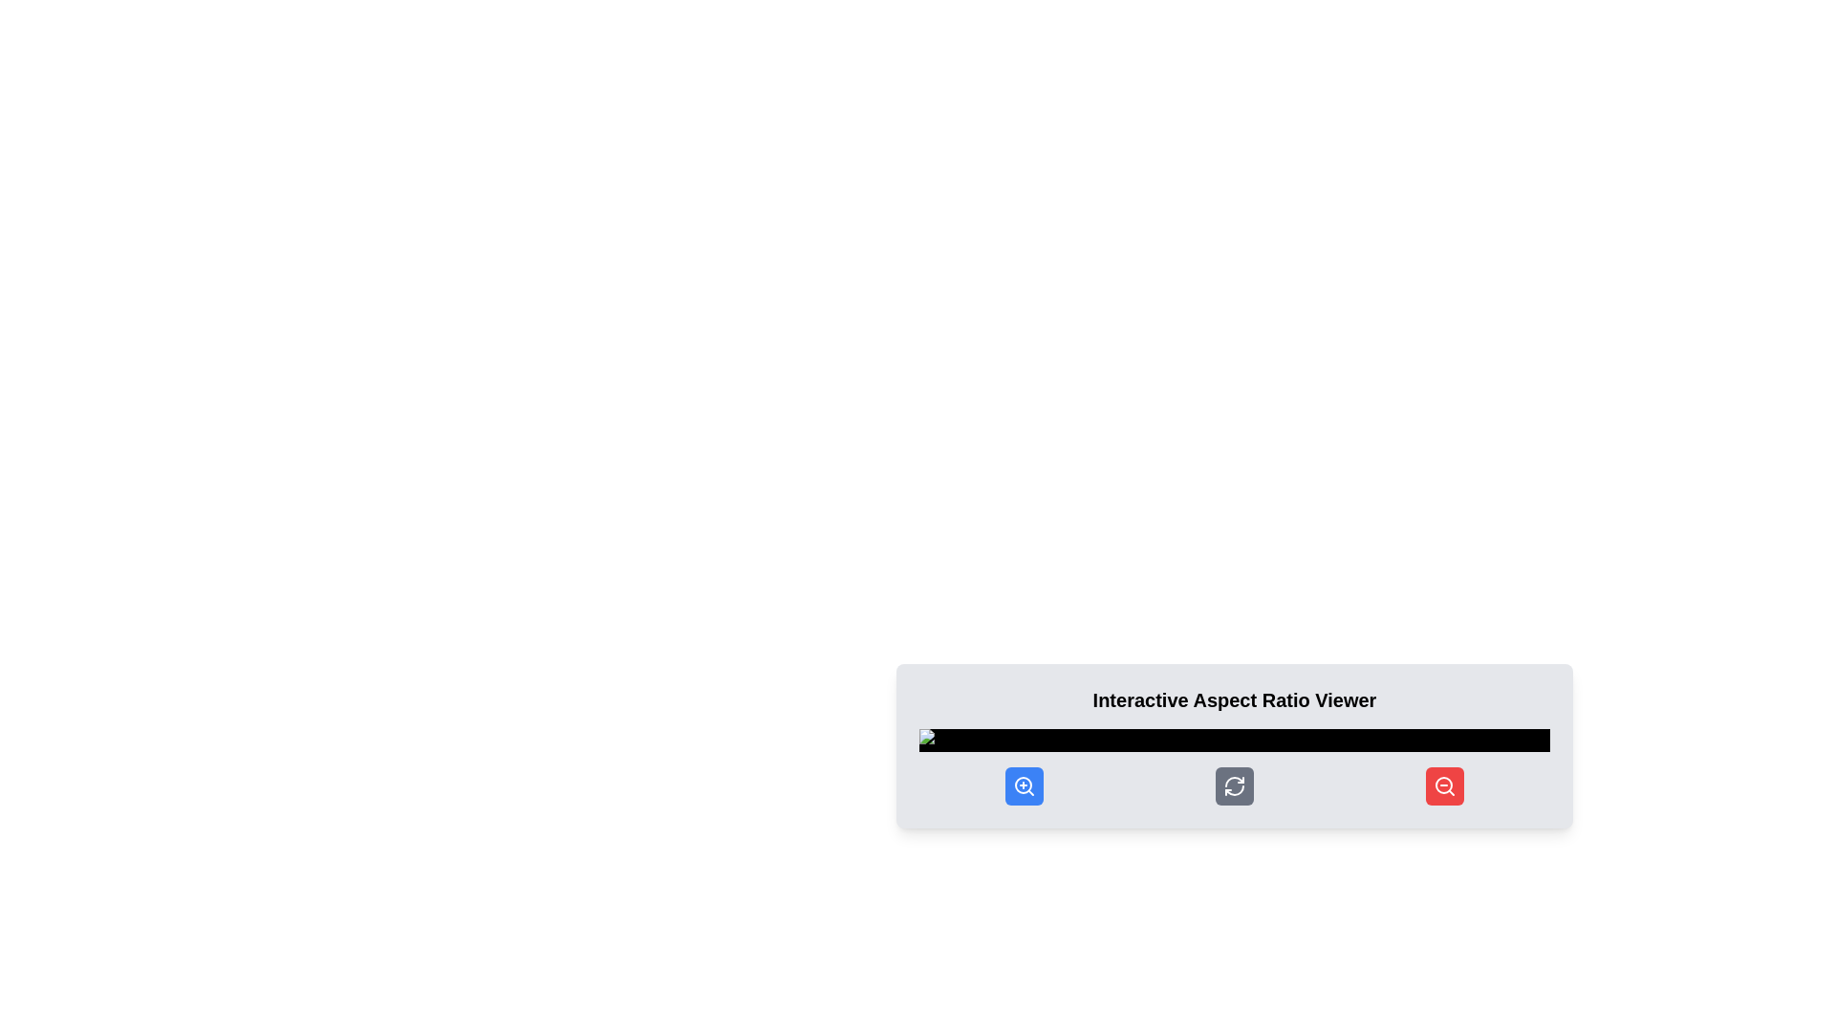 This screenshot has width=1835, height=1032. I want to click on the refresh icon located in the central part of the toolbar at the bottom of the interface, so click(1234, 785).